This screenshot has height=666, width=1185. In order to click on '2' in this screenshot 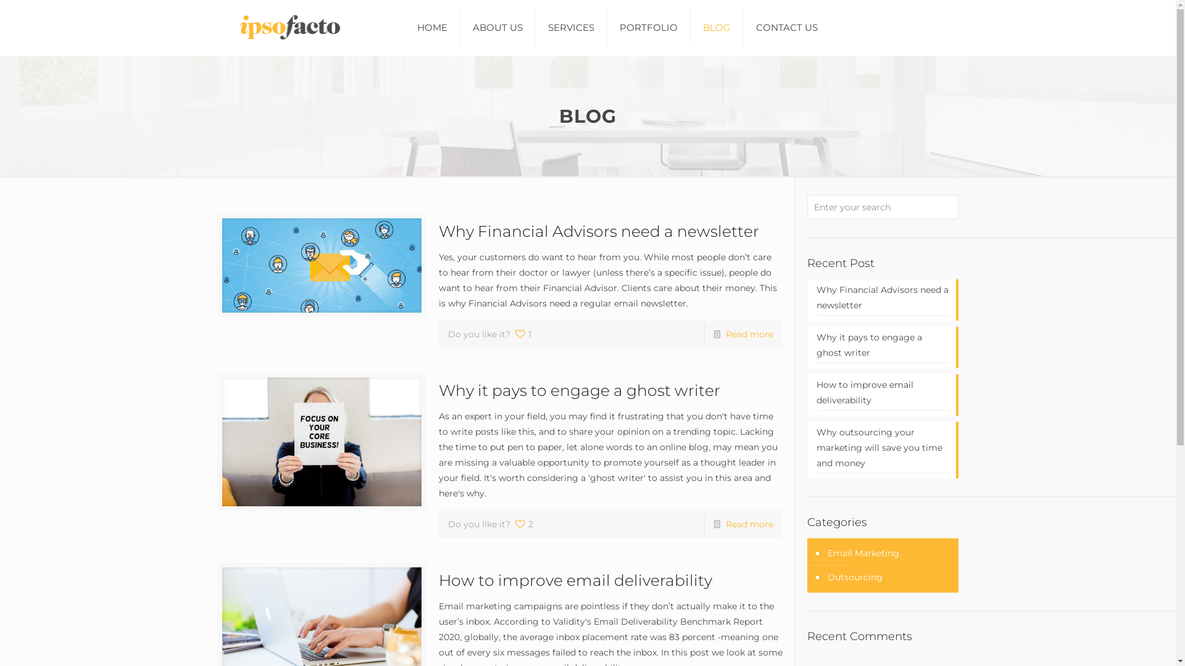, I will do `click(523, 524)`.